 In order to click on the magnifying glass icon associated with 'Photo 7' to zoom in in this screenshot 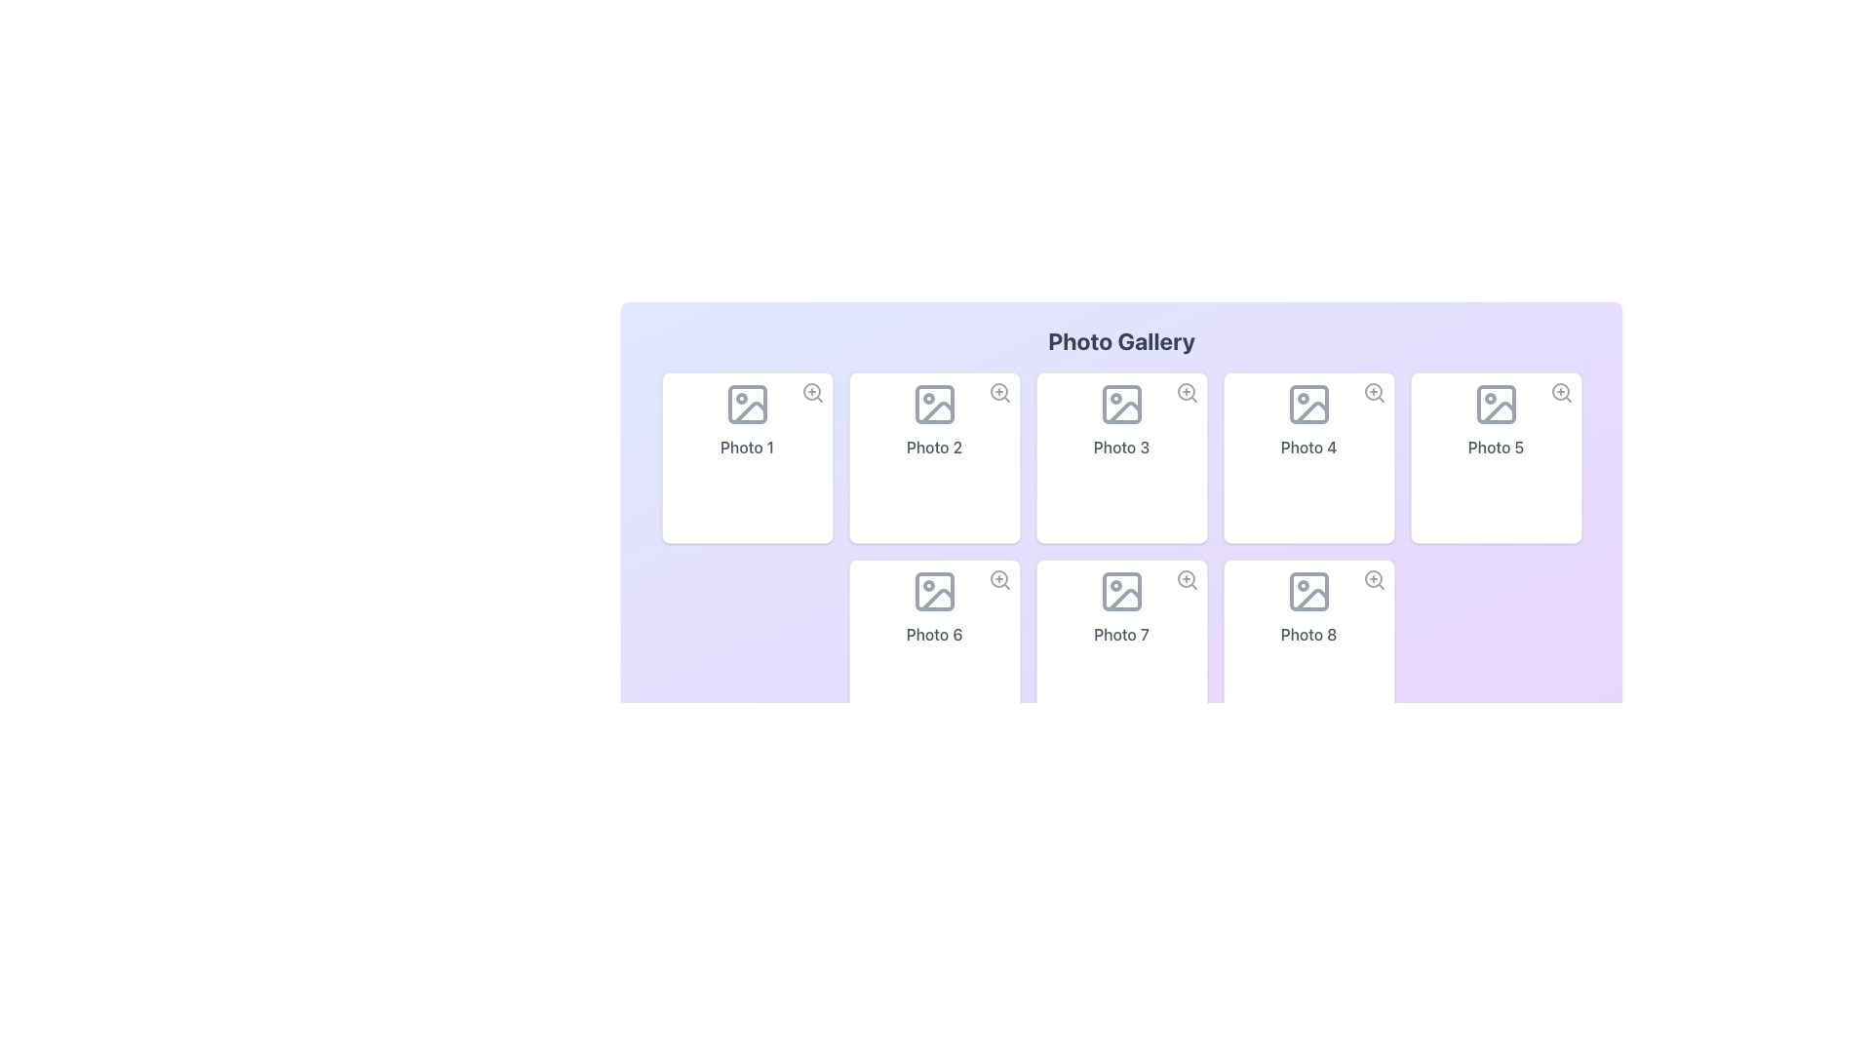, I will do `click(1185, 578)`.